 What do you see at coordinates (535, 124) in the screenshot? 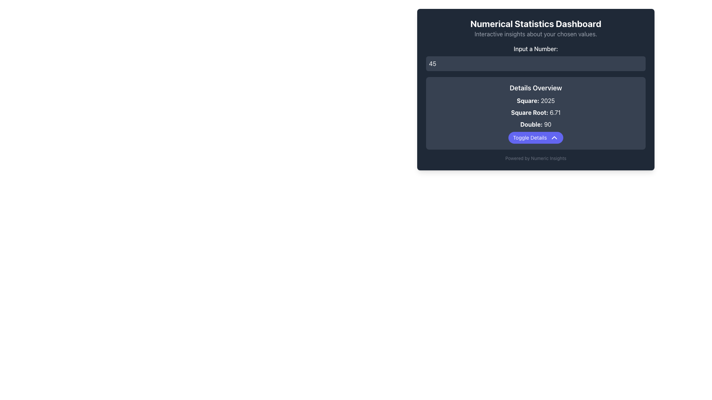
I see `the 'Double:' label displaying the numeric value '90' in the 'Details Overview' panel, which is located beneath the 'Square Root: 6.71' entry` at bounding box center [535, 124].